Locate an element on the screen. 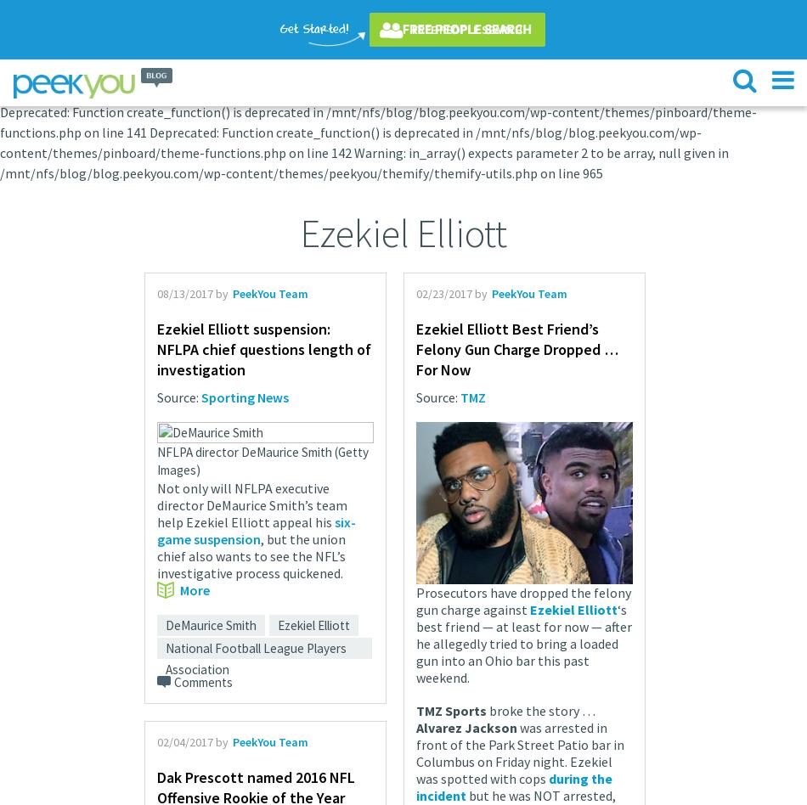 This screenshot has width=807, height=805. 'Not only will NFLPA executive director DeMaurice Smith’s team help Ezekiel Elliott appeal his' is located at coordinates (251, 504).